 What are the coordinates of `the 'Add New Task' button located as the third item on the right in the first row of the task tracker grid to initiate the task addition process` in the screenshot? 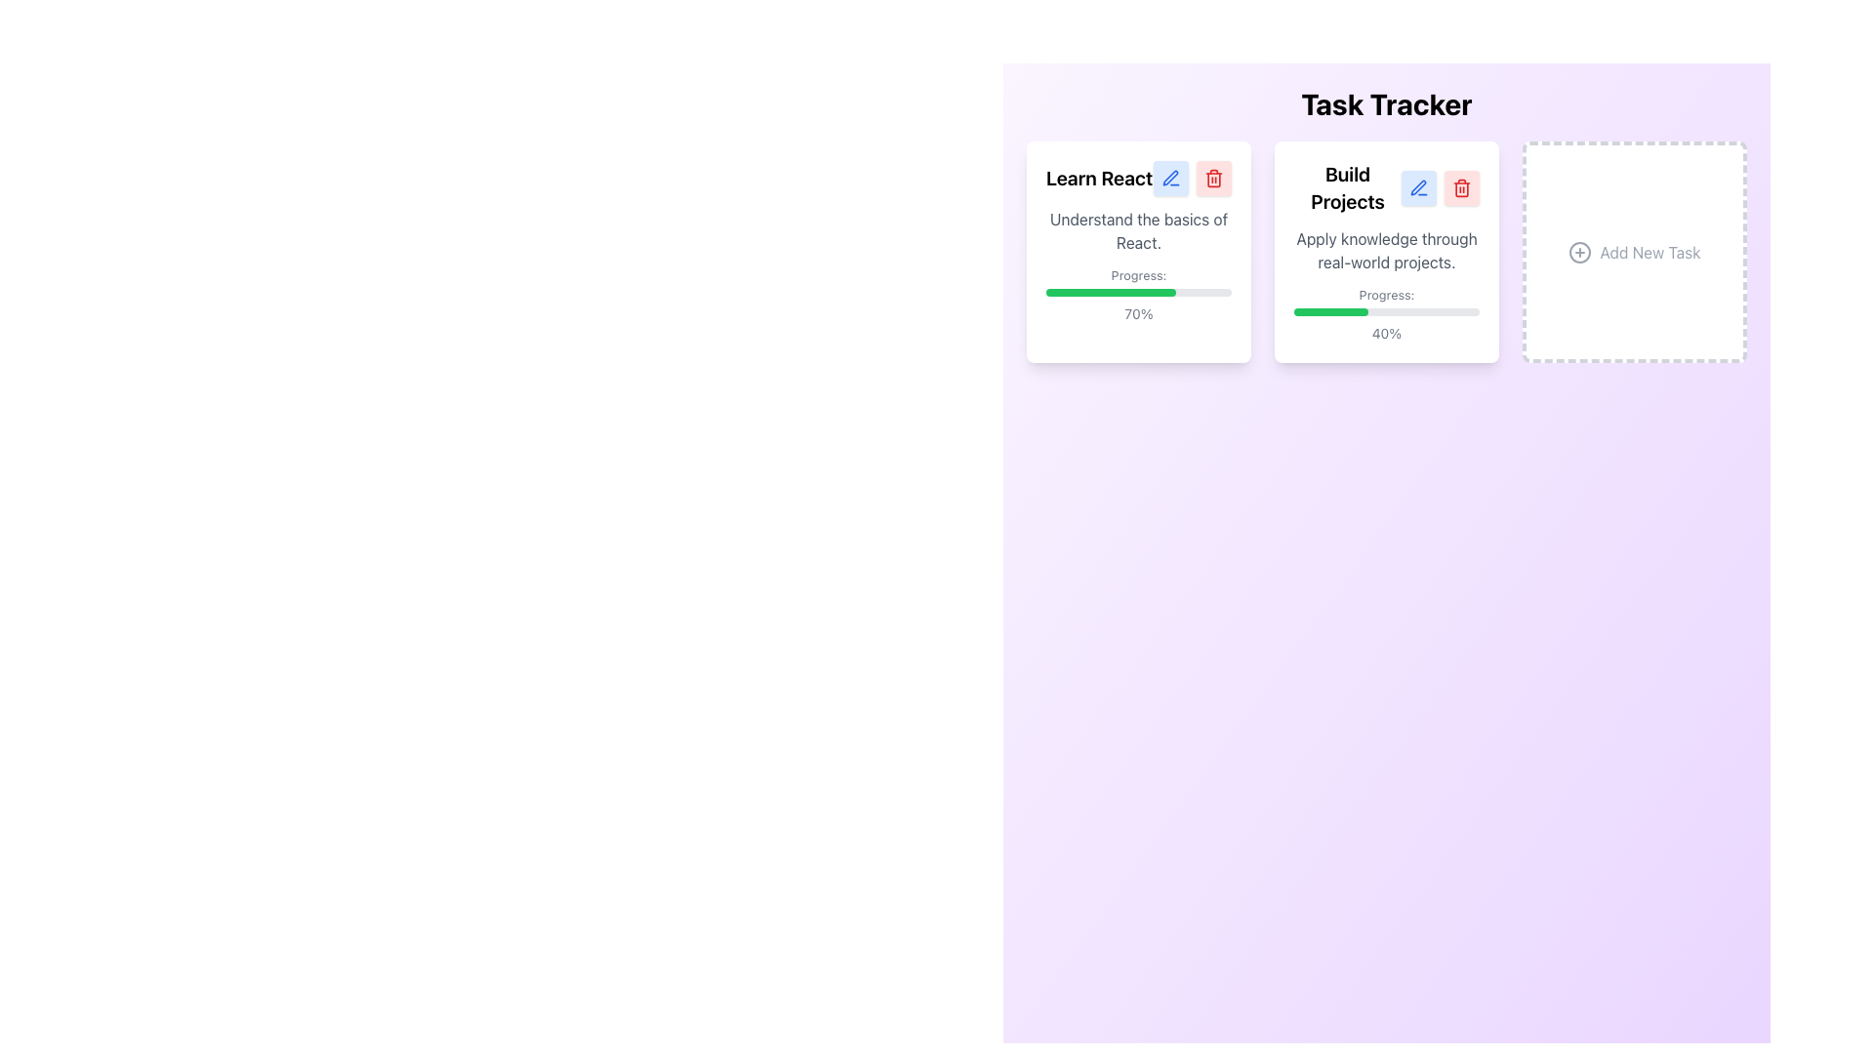 It's located at (1635, 251).